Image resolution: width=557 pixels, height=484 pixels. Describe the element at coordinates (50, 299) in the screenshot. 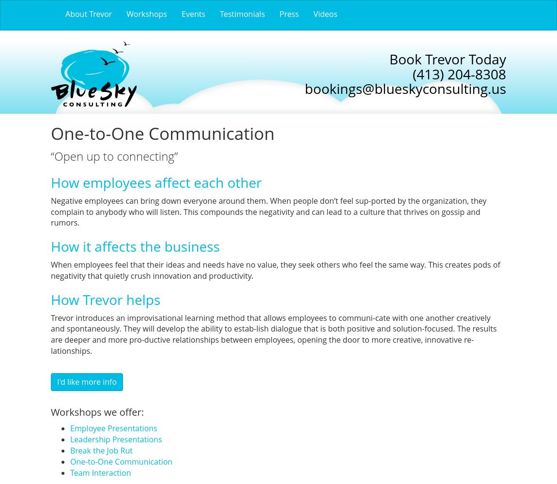

I see `'How Trevor helps'` at that location.